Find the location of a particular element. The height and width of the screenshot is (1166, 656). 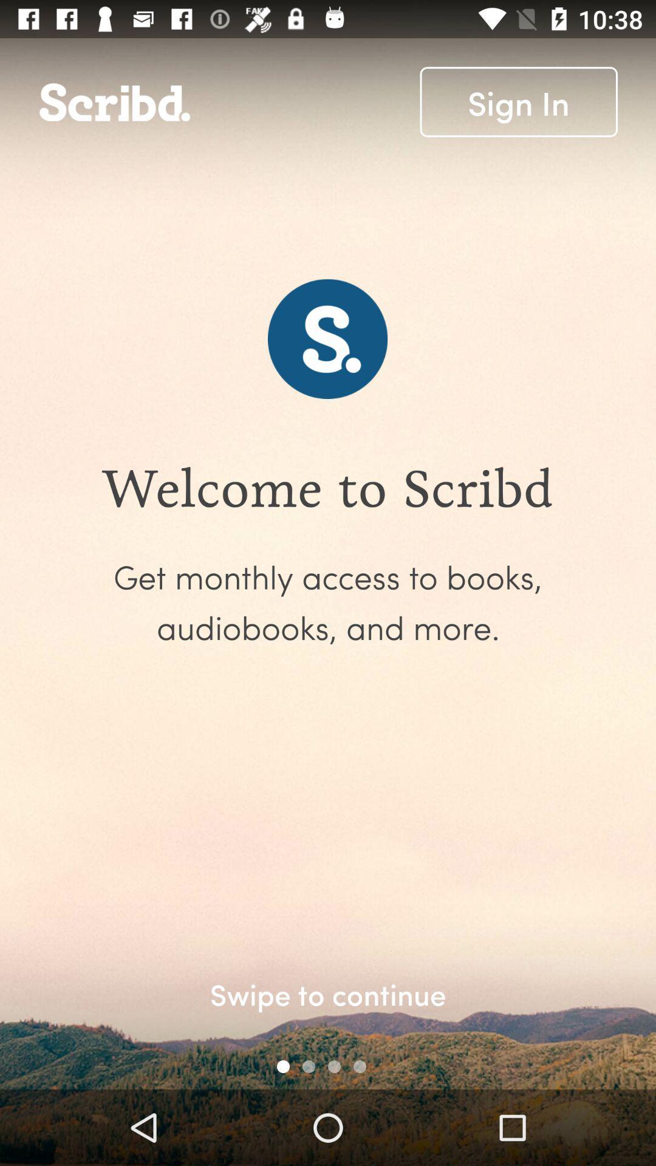

the icon at the top right corner is located at coordinates (519, 102).